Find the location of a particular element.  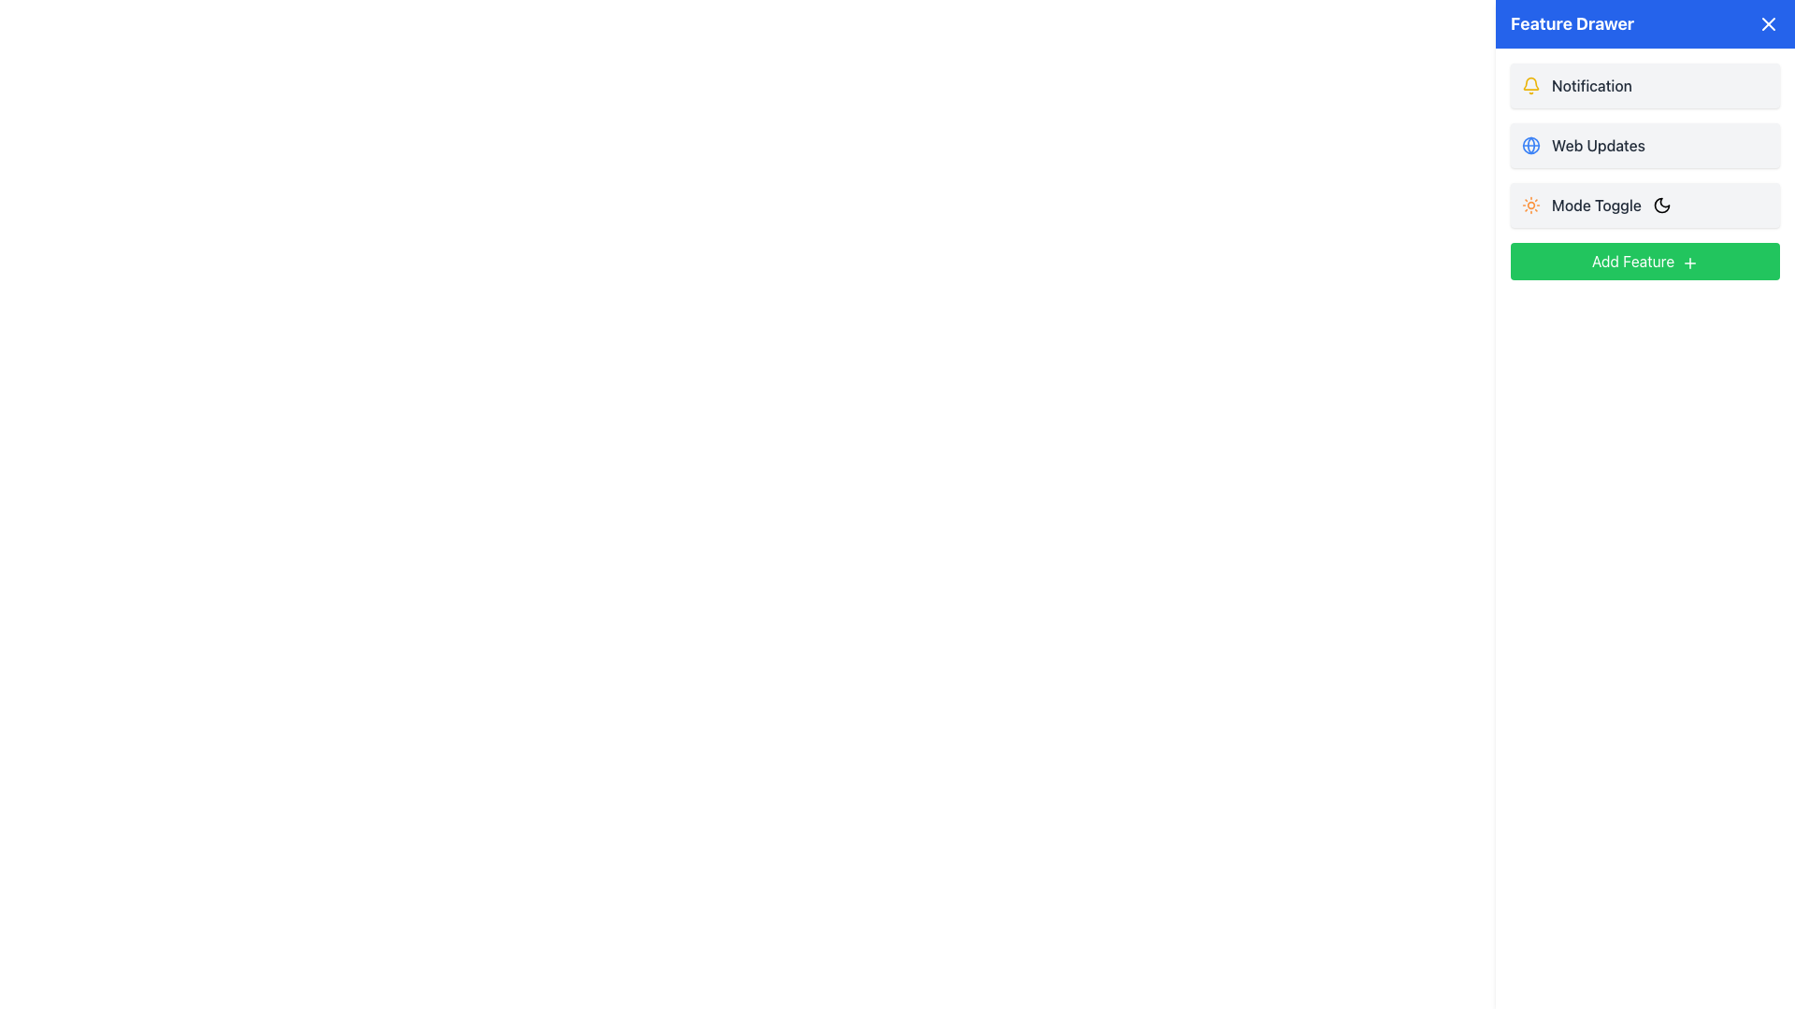

the button at the bottom of the 'Feature Drawer' side panel to observe hover effects is located at coordinates (1645, 262).